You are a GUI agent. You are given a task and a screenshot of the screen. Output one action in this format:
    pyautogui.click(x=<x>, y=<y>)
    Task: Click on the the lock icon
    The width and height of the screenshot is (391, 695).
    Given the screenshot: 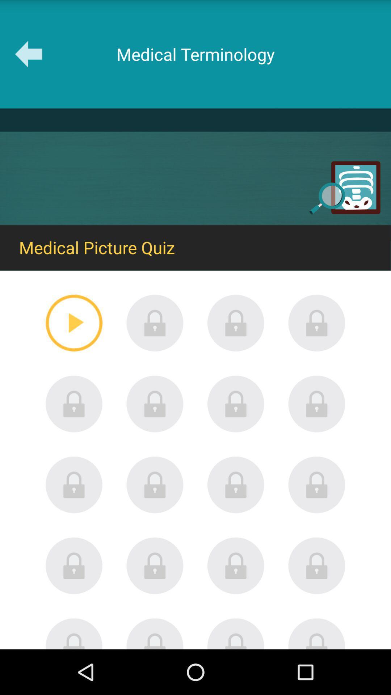 What is the action you would take?
    pyautogui.click(x=236, y=605)
    